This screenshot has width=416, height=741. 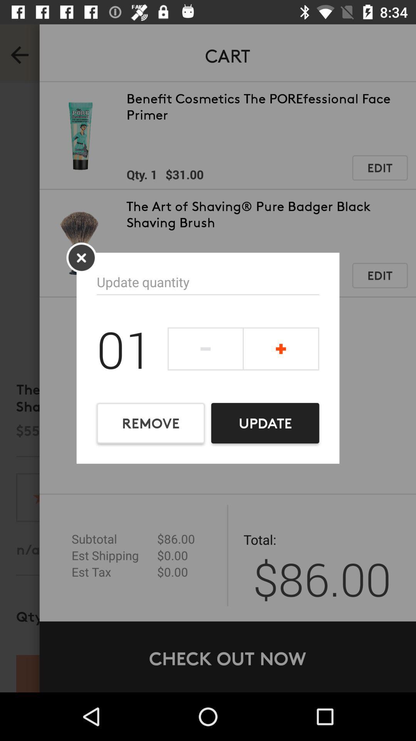 I want to click on the close icon, so click(x=81, y=257).